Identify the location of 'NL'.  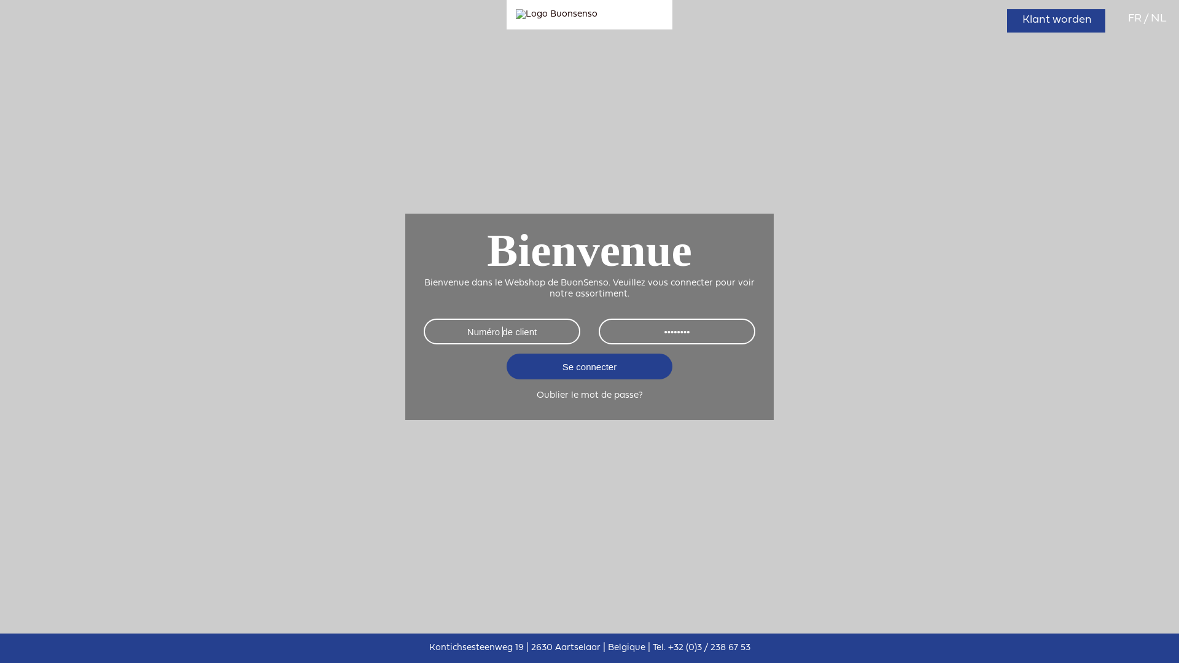
(1158, 18).